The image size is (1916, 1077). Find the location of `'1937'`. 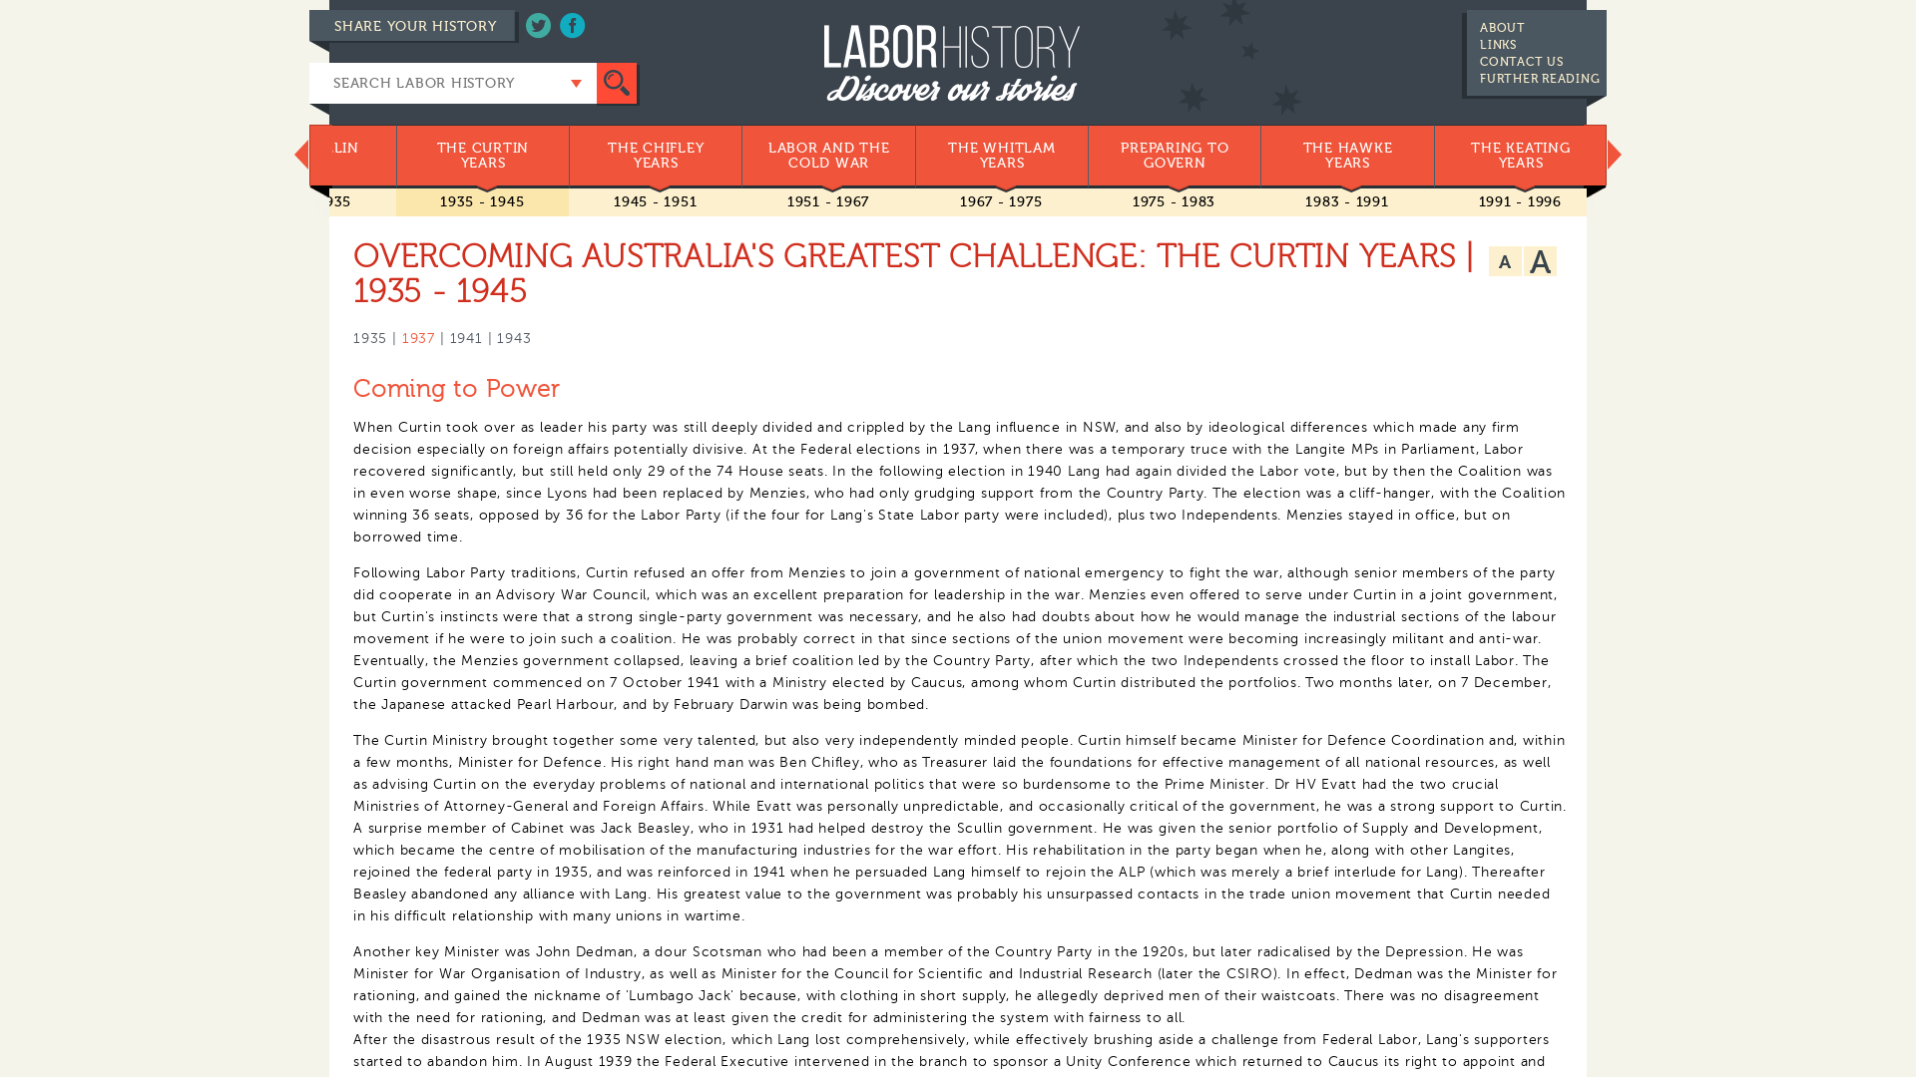

'1937' is located at coordinates (417, 337).